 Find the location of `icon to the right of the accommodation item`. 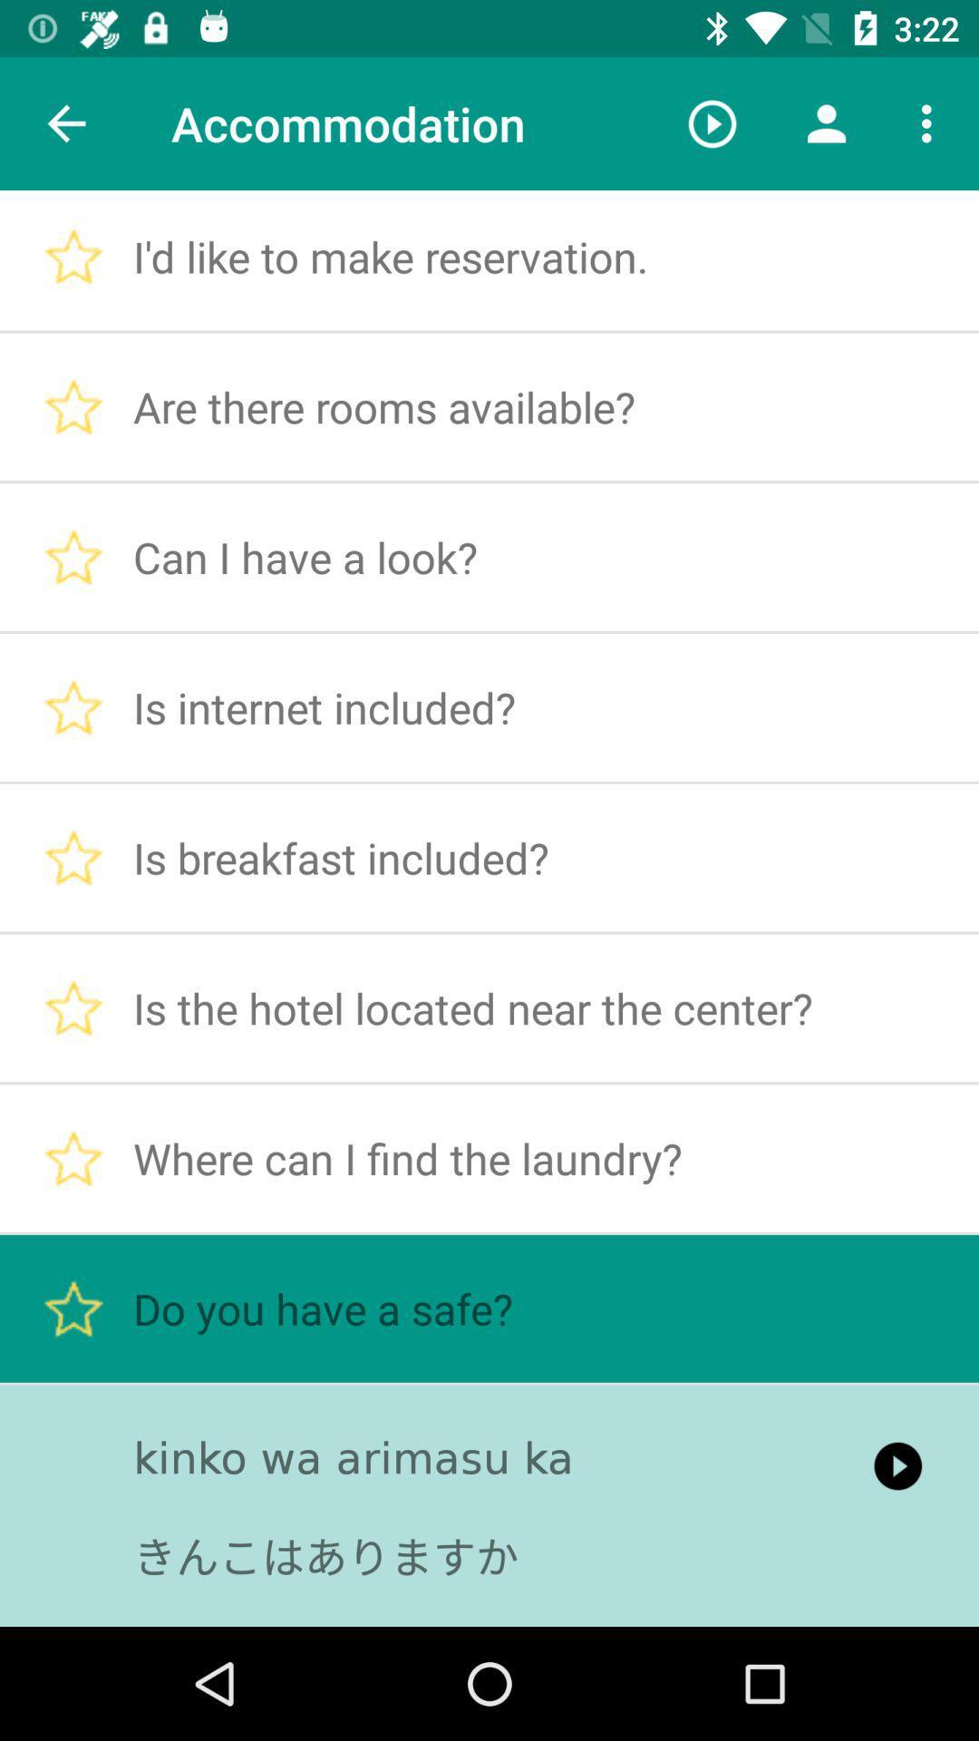

icon to the right of the accommodation item is located at coordinates (712, 122).